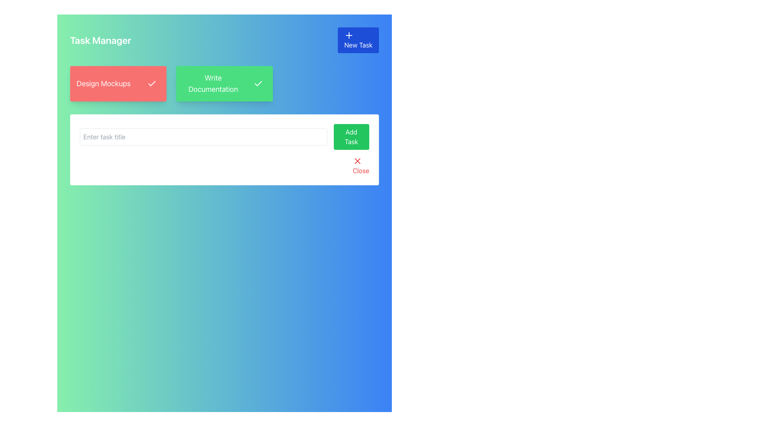 The width and height of the screenshot is (774, 435). I want to click on the check icon located at the top-right corner inside the green button labeled 'Write Documentation', so click(258, 84).